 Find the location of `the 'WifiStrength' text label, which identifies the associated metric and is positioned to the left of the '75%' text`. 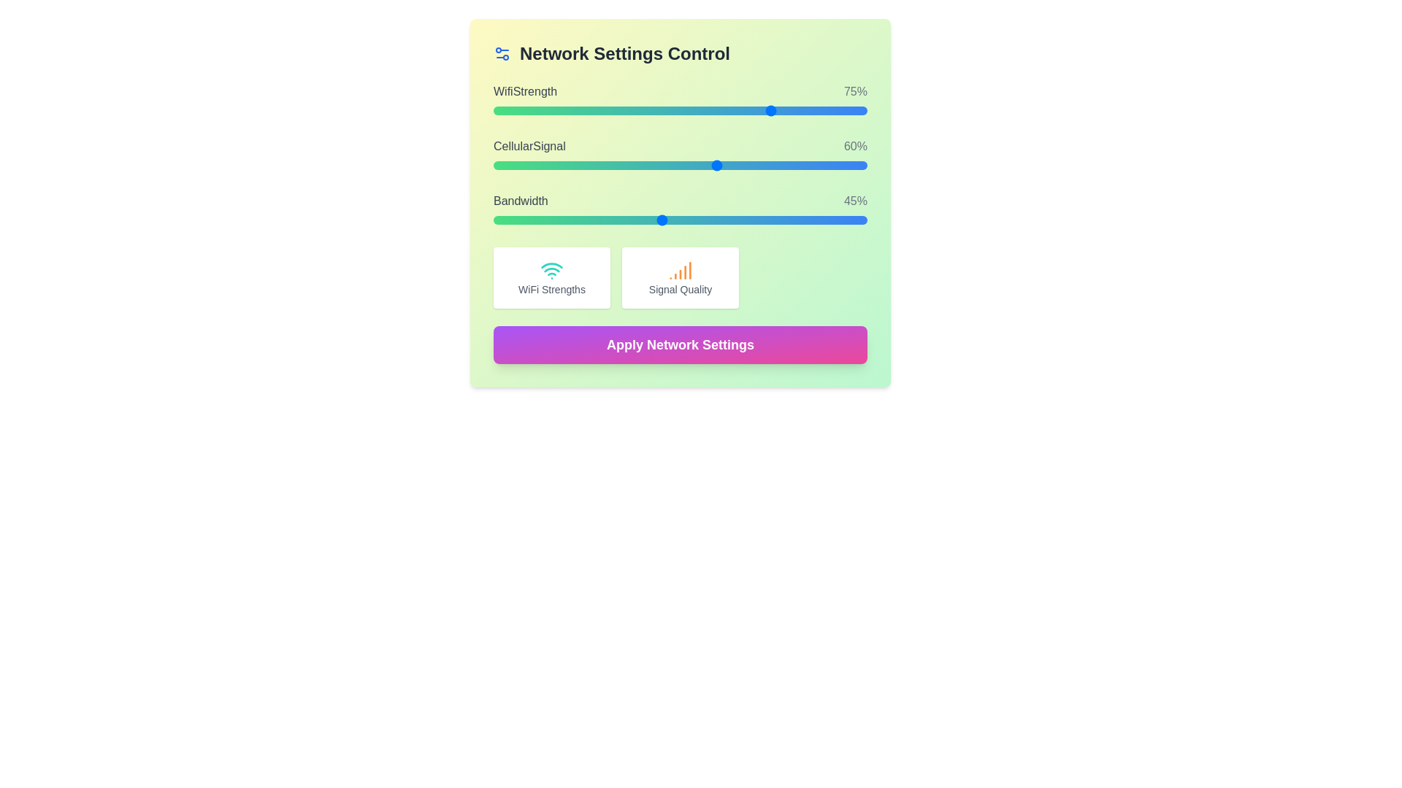

the 'WifiStrength' text label, which identifies the associated metric and is positioned to the left of the '75%' text is located at coordinates (525, 92).